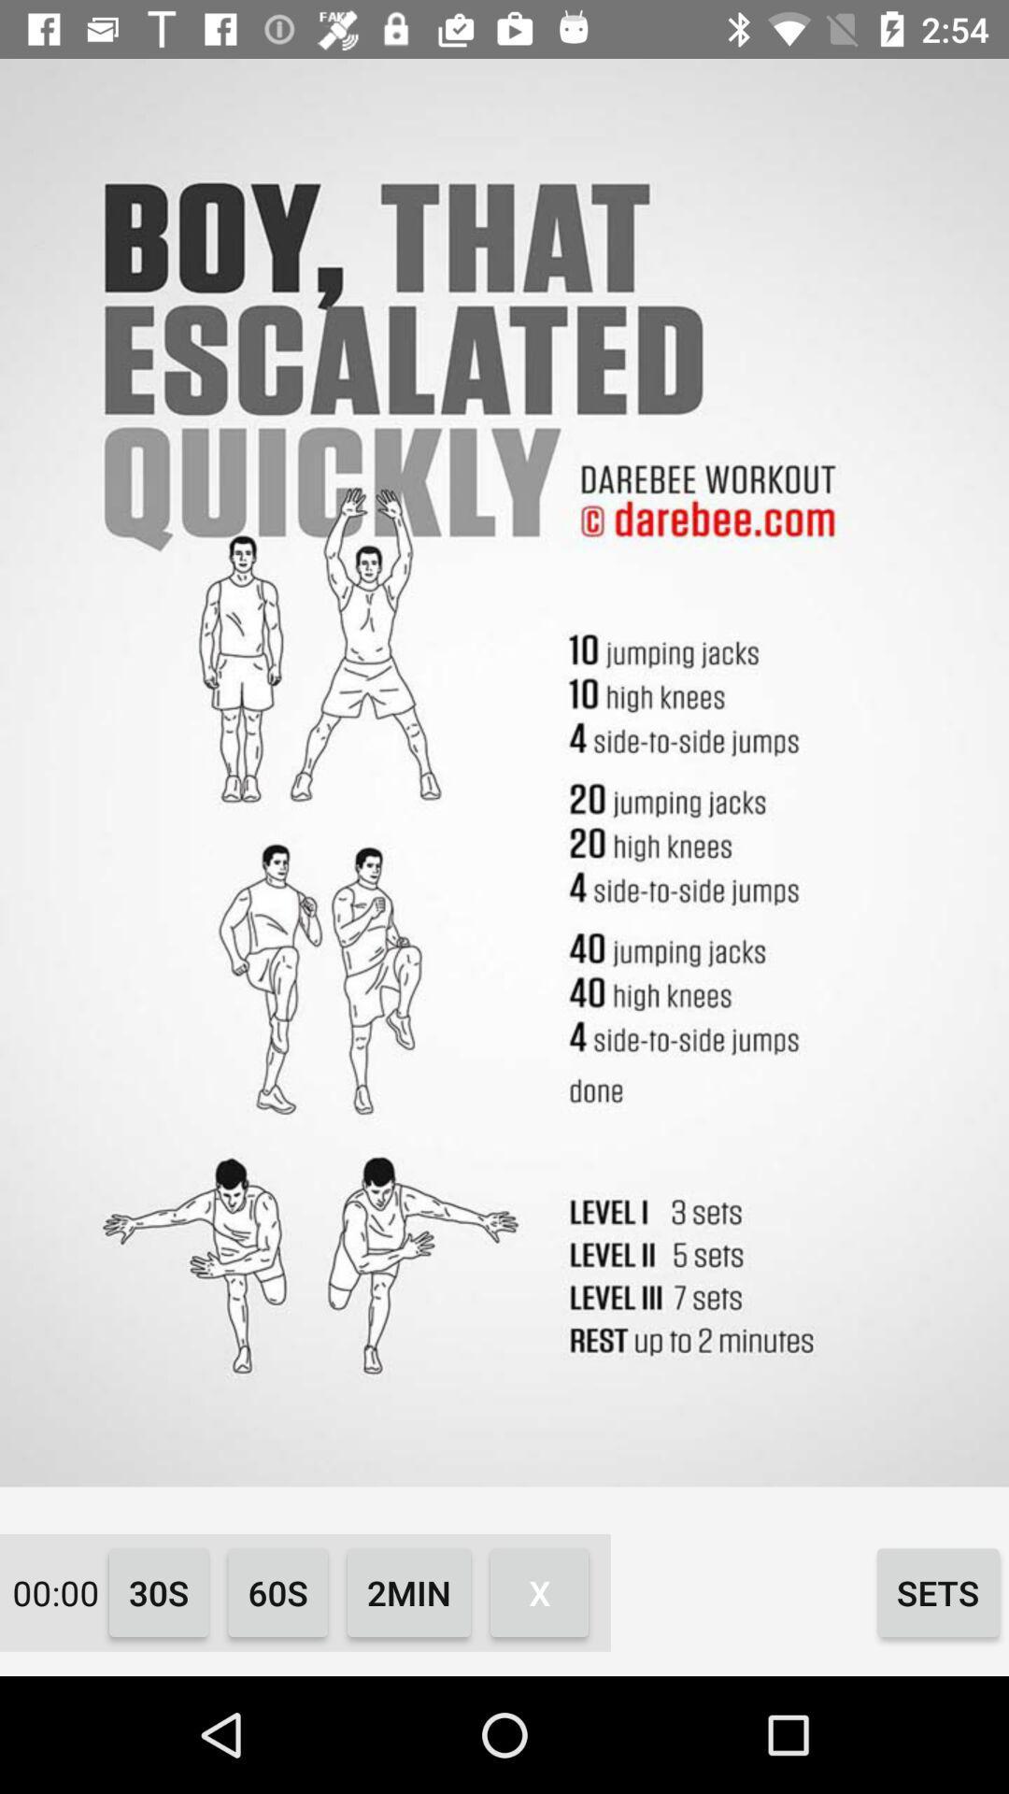 This screenshot has width=1009, height=1794. What do you see at coordinates (158, 1591) in the screenshot?
I see `item to the left of the 60s icon` at bounding box center [158, 1591].